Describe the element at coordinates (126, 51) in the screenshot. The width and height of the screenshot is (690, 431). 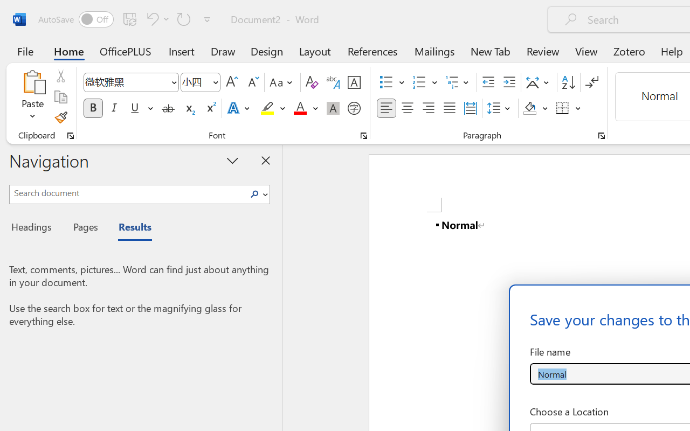
I see `'OfficePLUS'` at that location.